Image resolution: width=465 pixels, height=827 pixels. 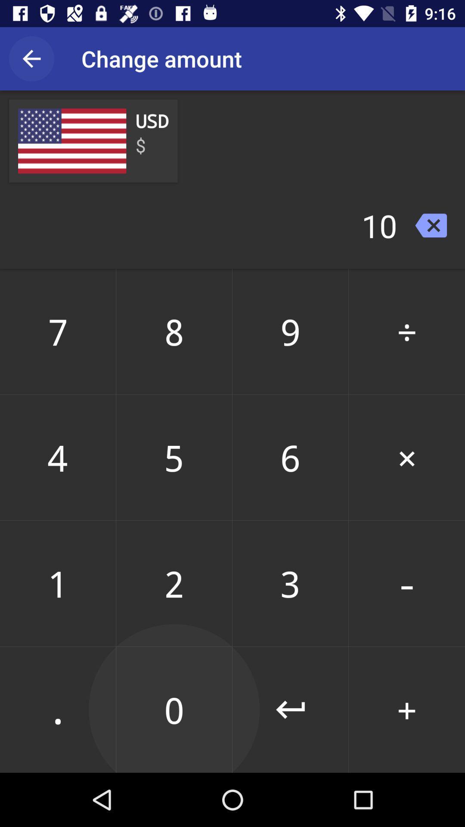 I want to click on the item below 8 icon, so click(x=290, y=457).